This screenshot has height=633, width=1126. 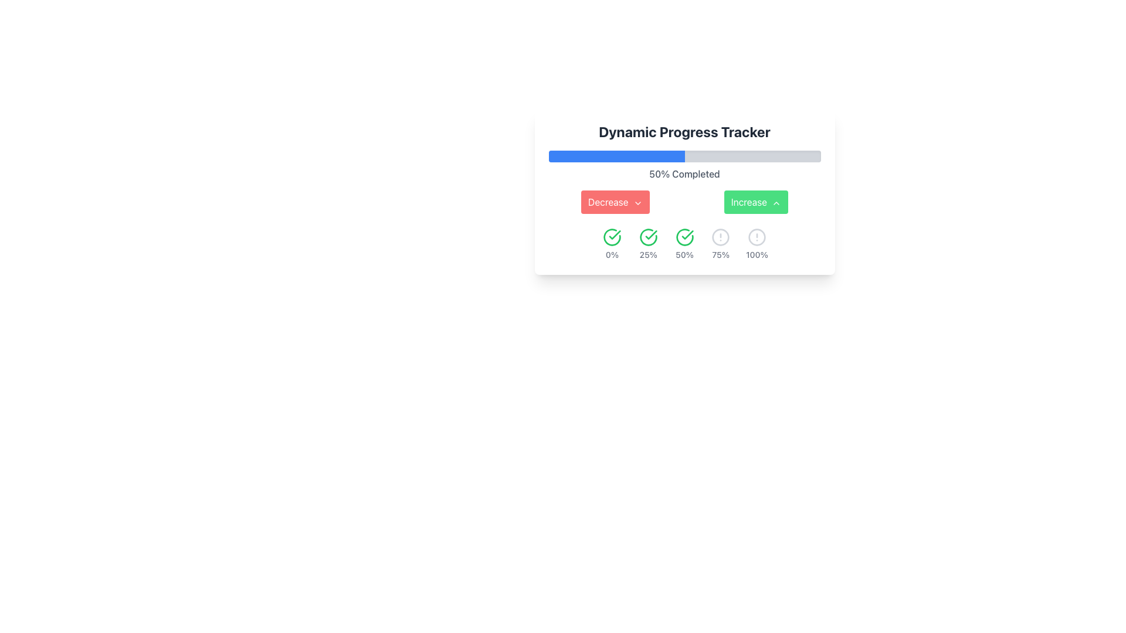 What do you see at coordinates (684, 237) in the screenshot?
I see `the green outlined check-circle icon indicating a completed state, which is the third in a row of circular indicators below the progress bar` at bounding box center [684, 237].